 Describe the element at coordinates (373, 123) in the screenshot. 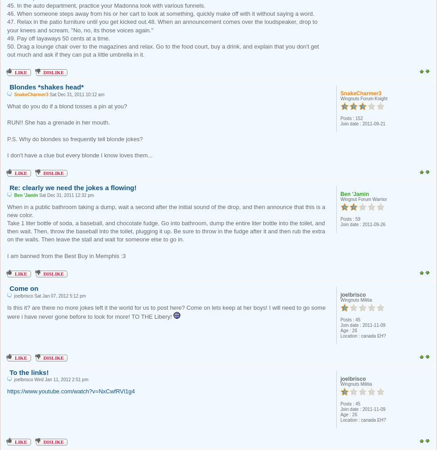

I see `'2011-09-21'` at that location.